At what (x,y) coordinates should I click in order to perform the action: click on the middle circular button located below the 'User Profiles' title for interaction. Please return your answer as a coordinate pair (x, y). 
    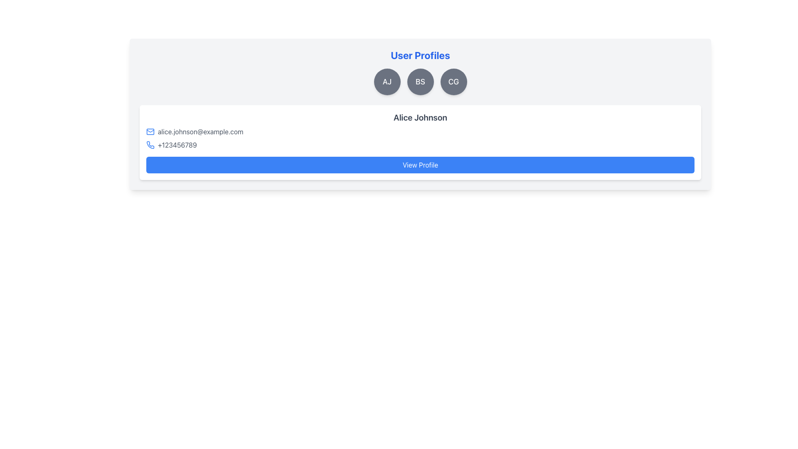
    Looking at the image, I should click on (420, 81).